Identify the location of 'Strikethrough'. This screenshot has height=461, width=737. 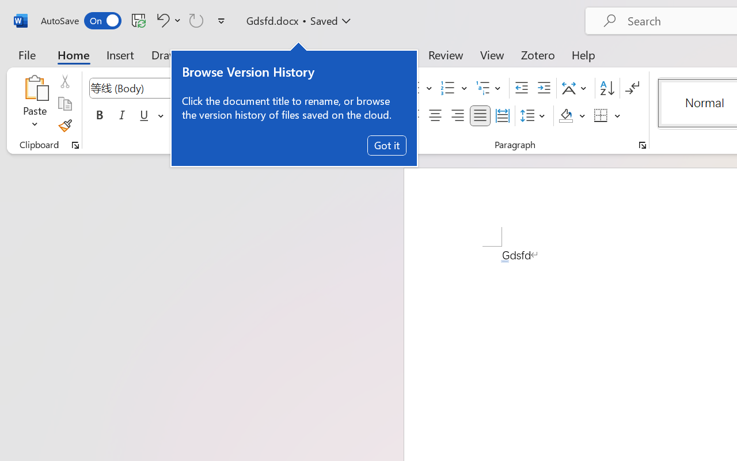
(179, 116).